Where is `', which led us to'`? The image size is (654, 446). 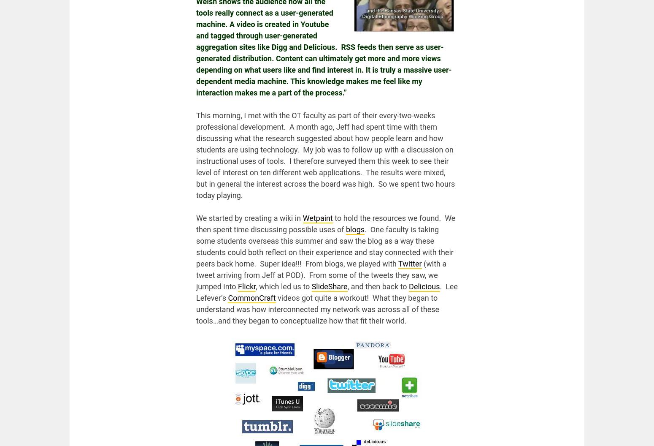
', which led us to' is located at coordinates (256, 286).